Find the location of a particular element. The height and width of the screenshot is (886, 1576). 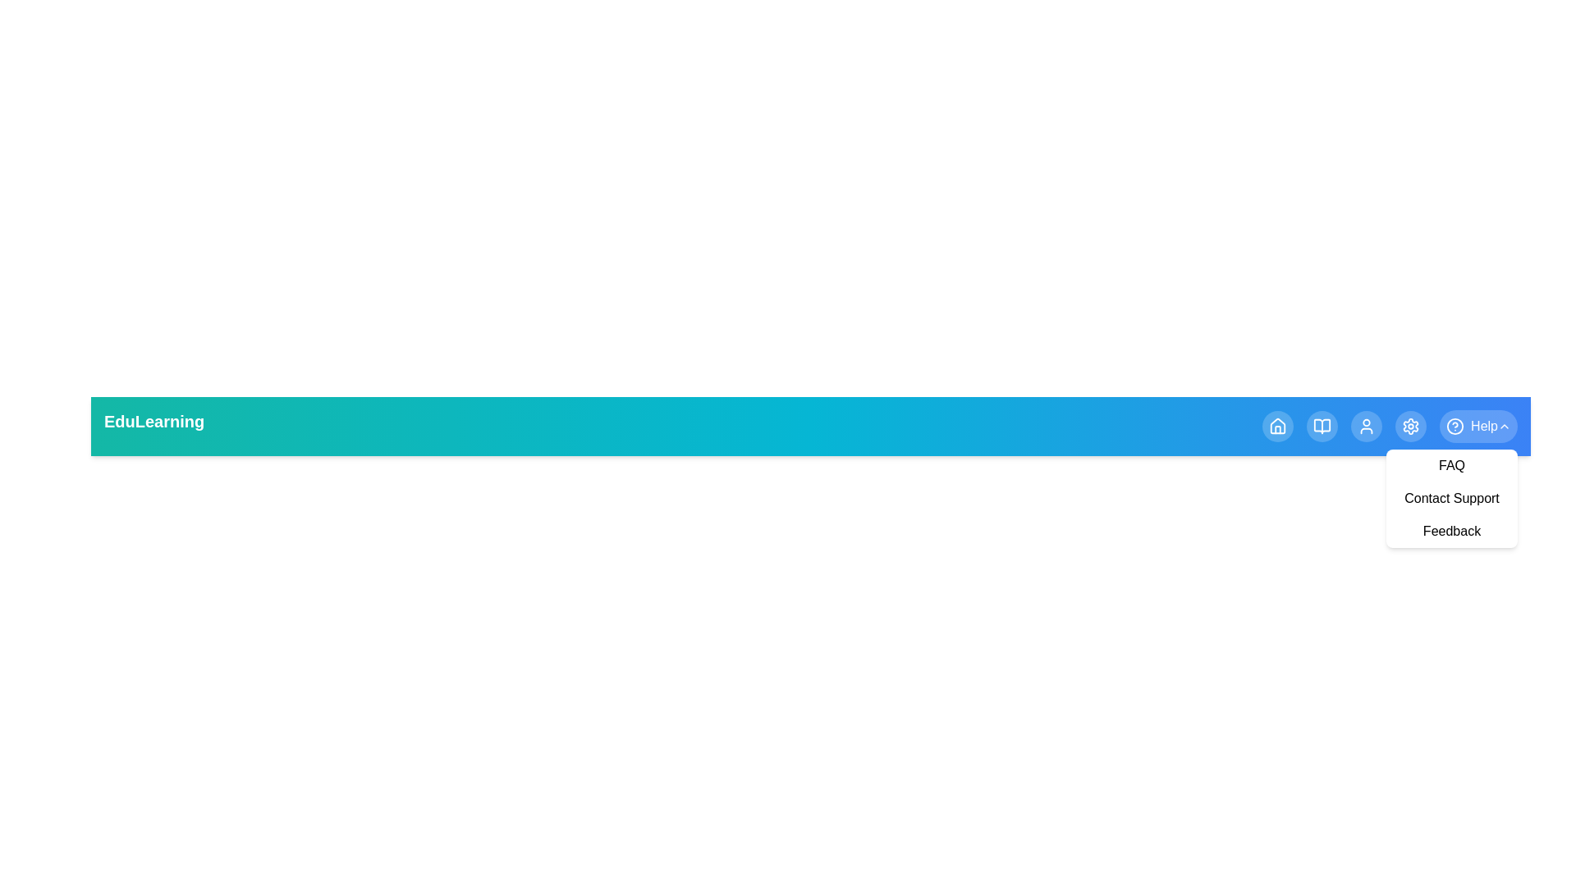

the Contact Support from the Help dropdown menu is located at coordinates (1452, 498).